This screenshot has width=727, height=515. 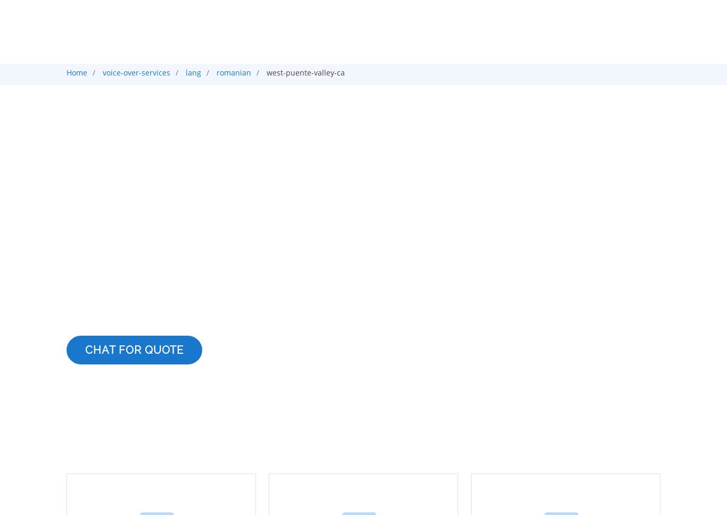 I want to click on 'US:(1-800-230-7918)', so click(x=511, y=21).